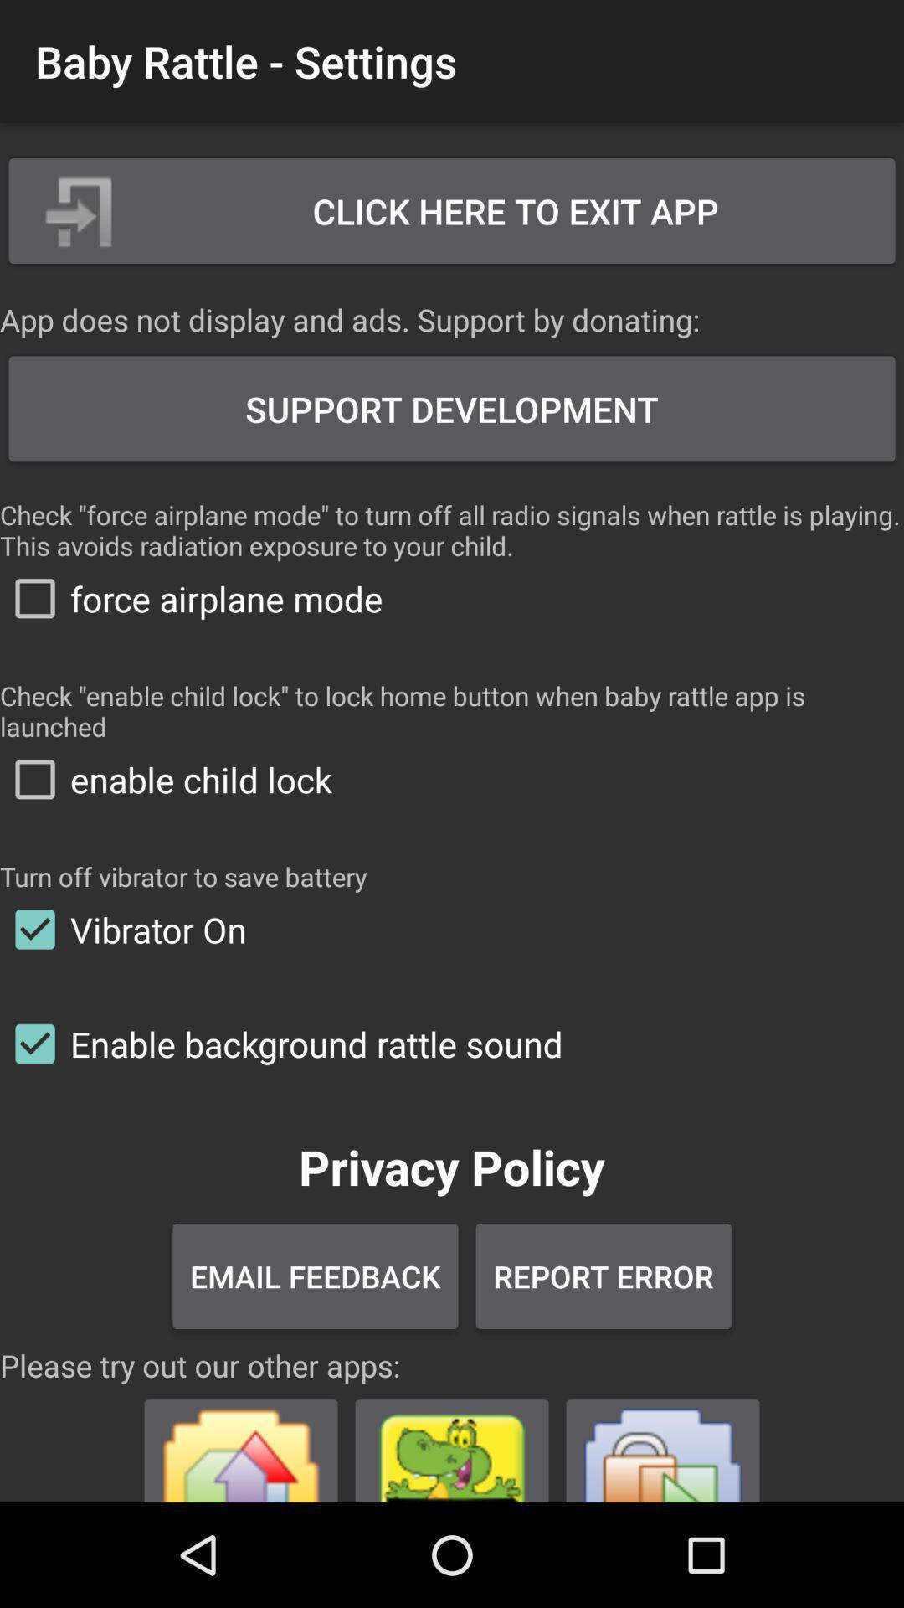  Describe the element at coordinates (452, 1443) in the screenshot. I see `the avatar icon` at that location.